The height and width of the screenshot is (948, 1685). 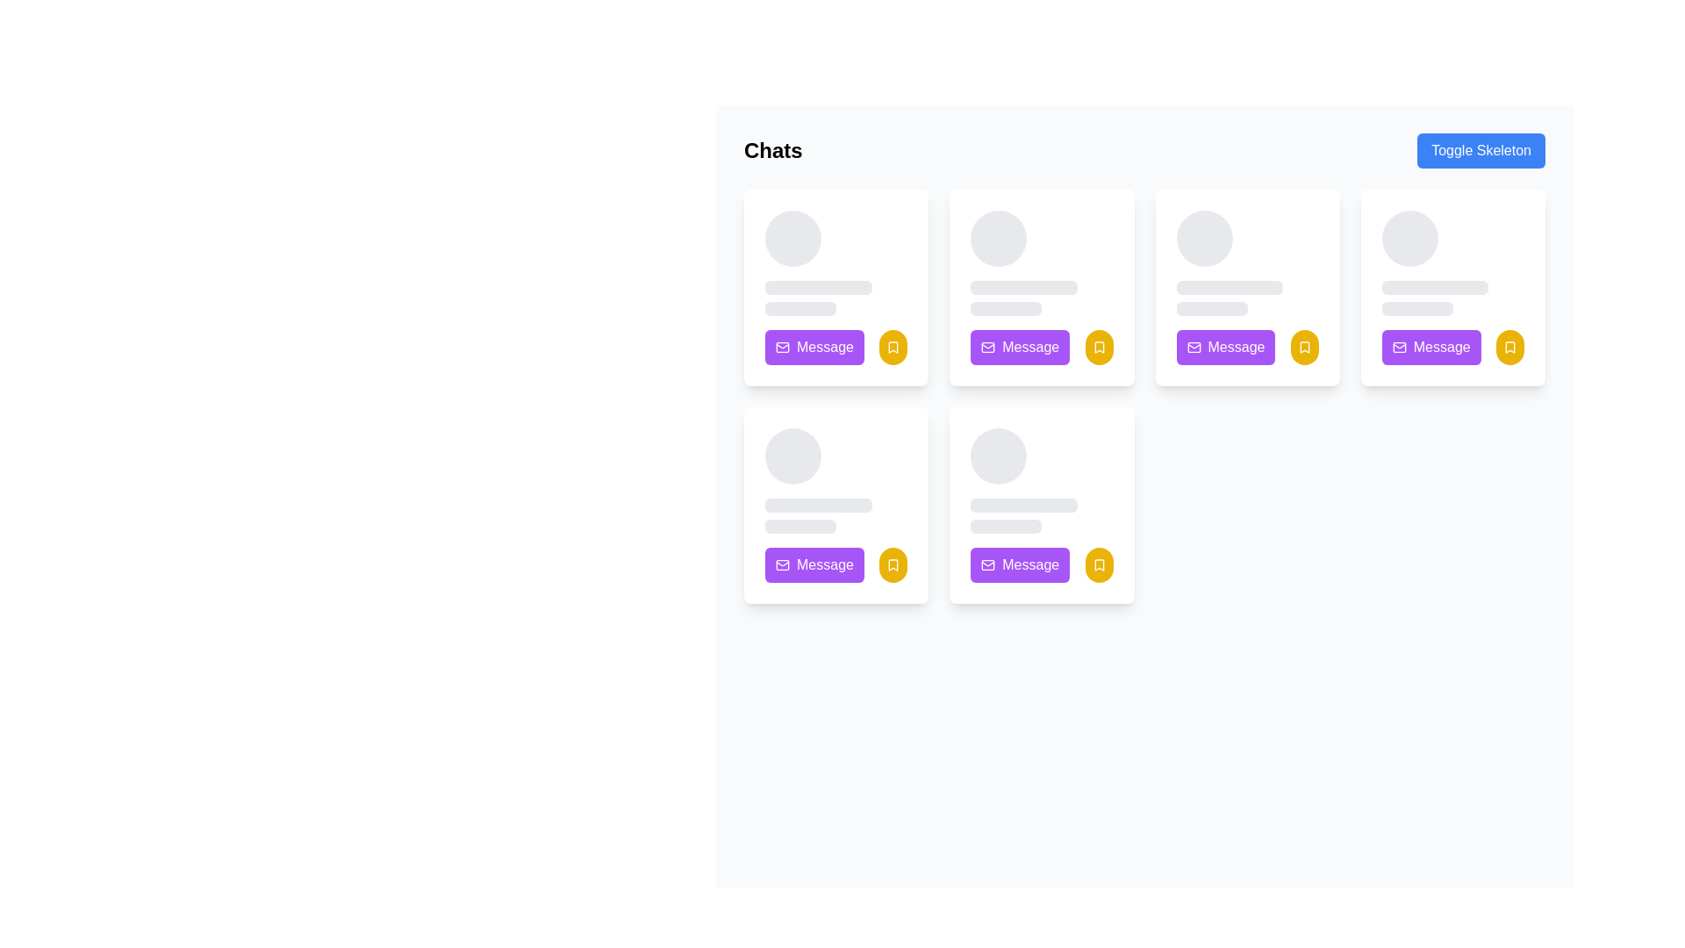 What do you see at coordinates (893, 348) in the screenshot?
I see `the yellow bookmark icon located at the bottom-right section of the first card in the grid layout to bookmark or unbookmark` at bounding box center [893, 348].